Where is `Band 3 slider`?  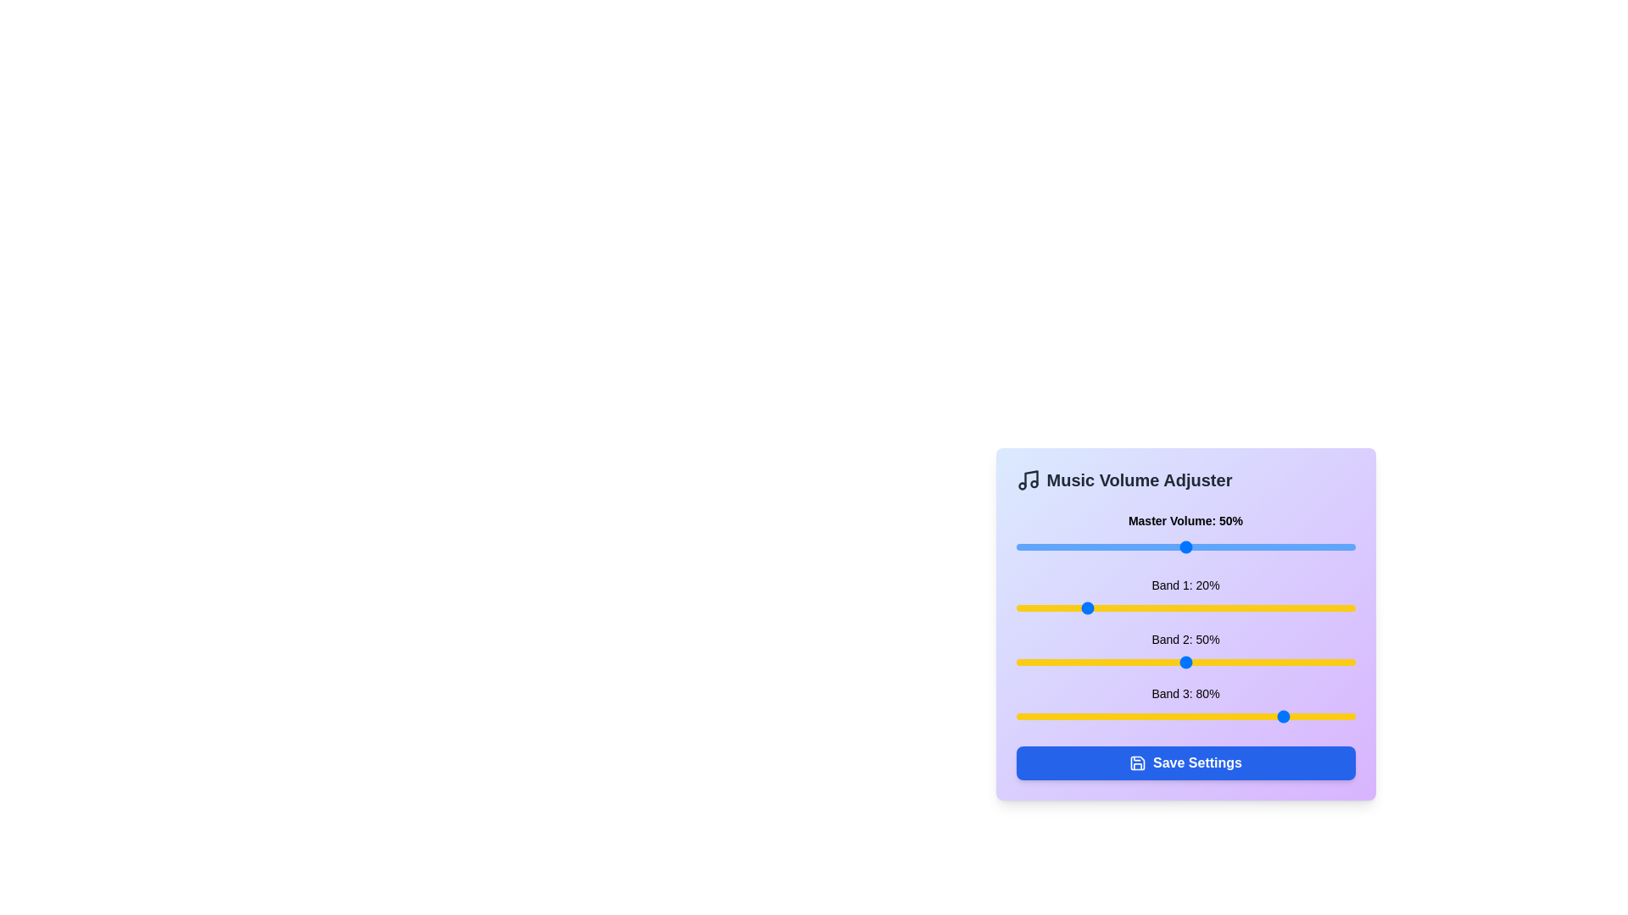
Band 3 slider is located at coordinates (1090, 716).